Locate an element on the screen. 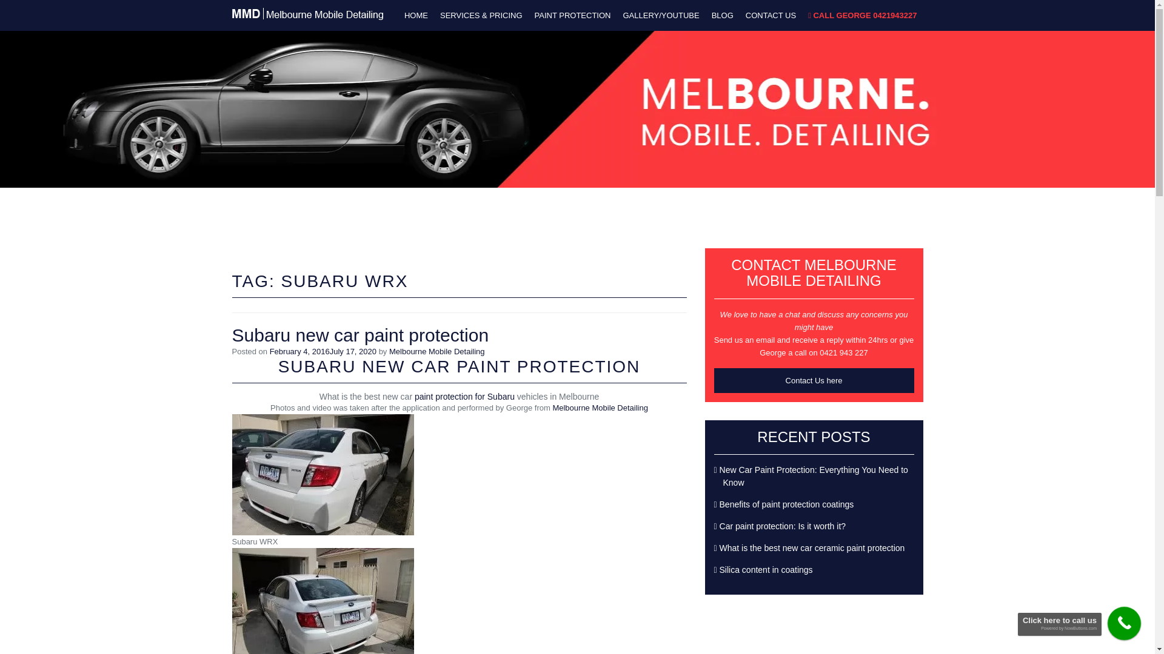 The width and height of the screenshot is (1164, 654). 'BLOG' is located at coordinates (722, 15).